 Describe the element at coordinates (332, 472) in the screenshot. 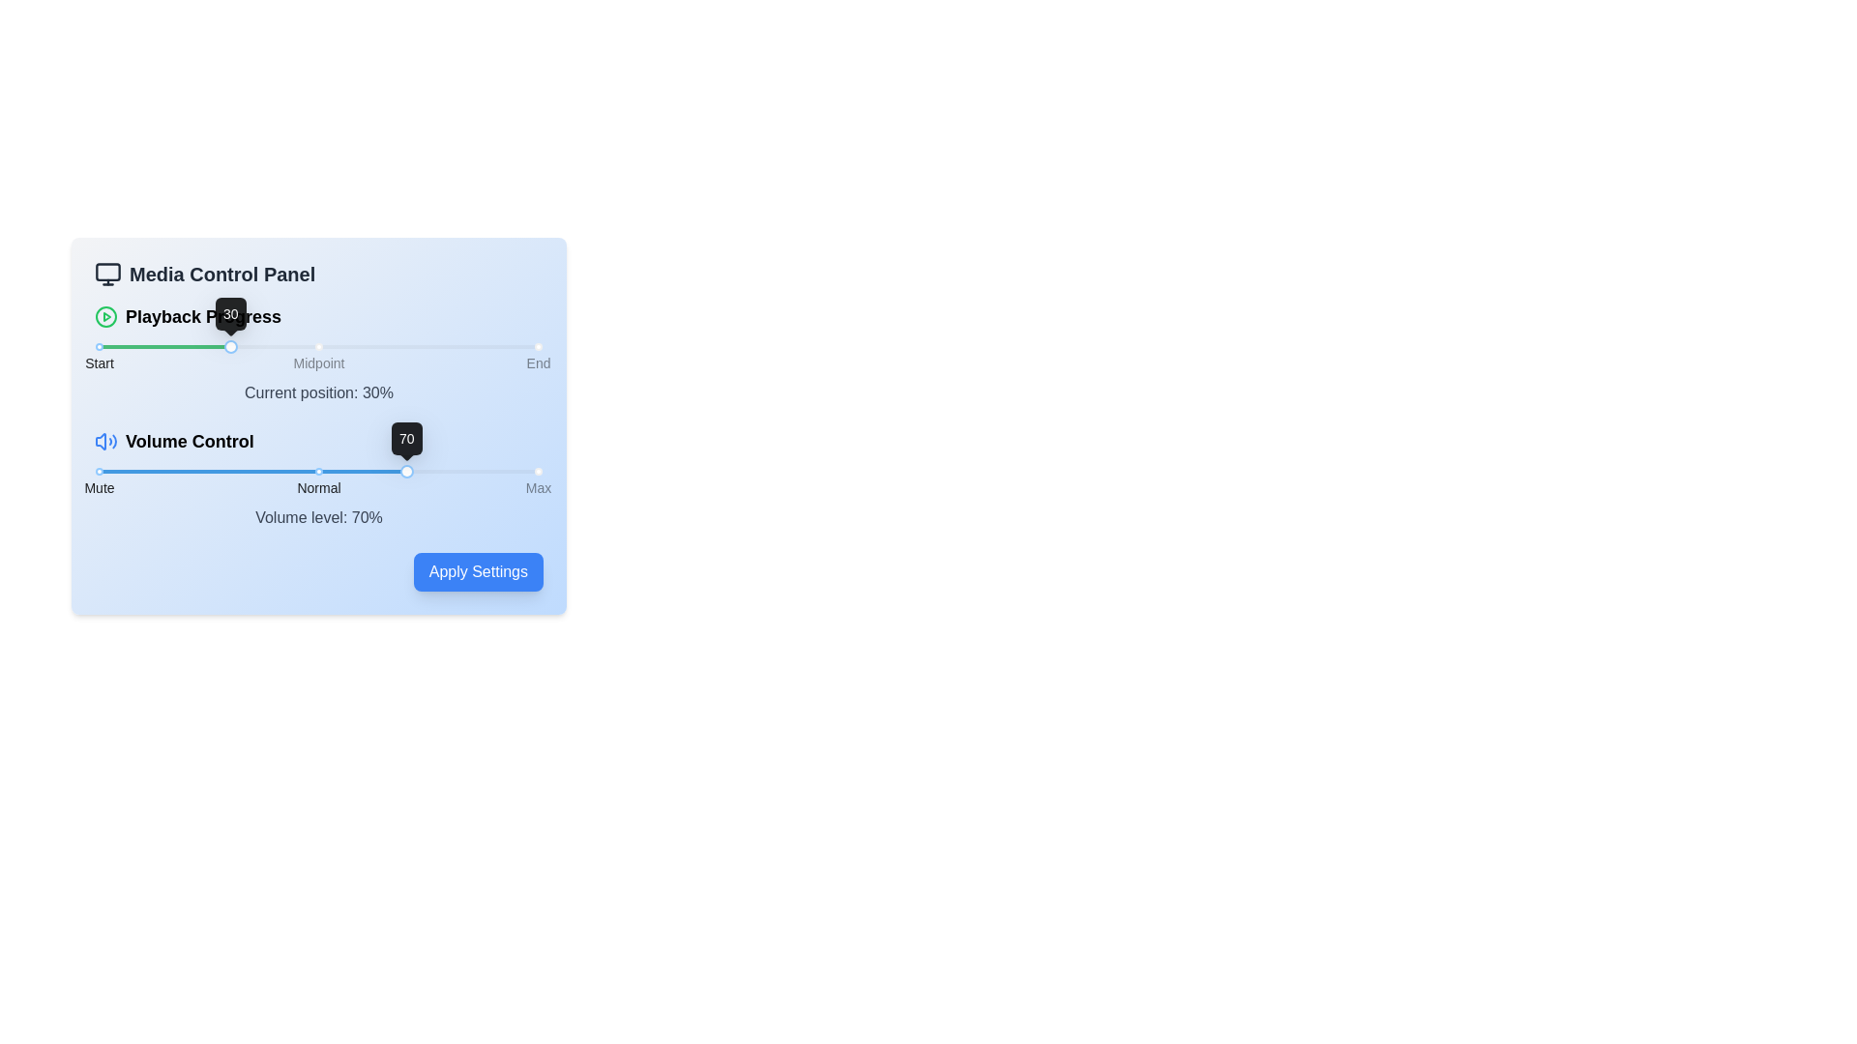

I see `the slider` at that location.